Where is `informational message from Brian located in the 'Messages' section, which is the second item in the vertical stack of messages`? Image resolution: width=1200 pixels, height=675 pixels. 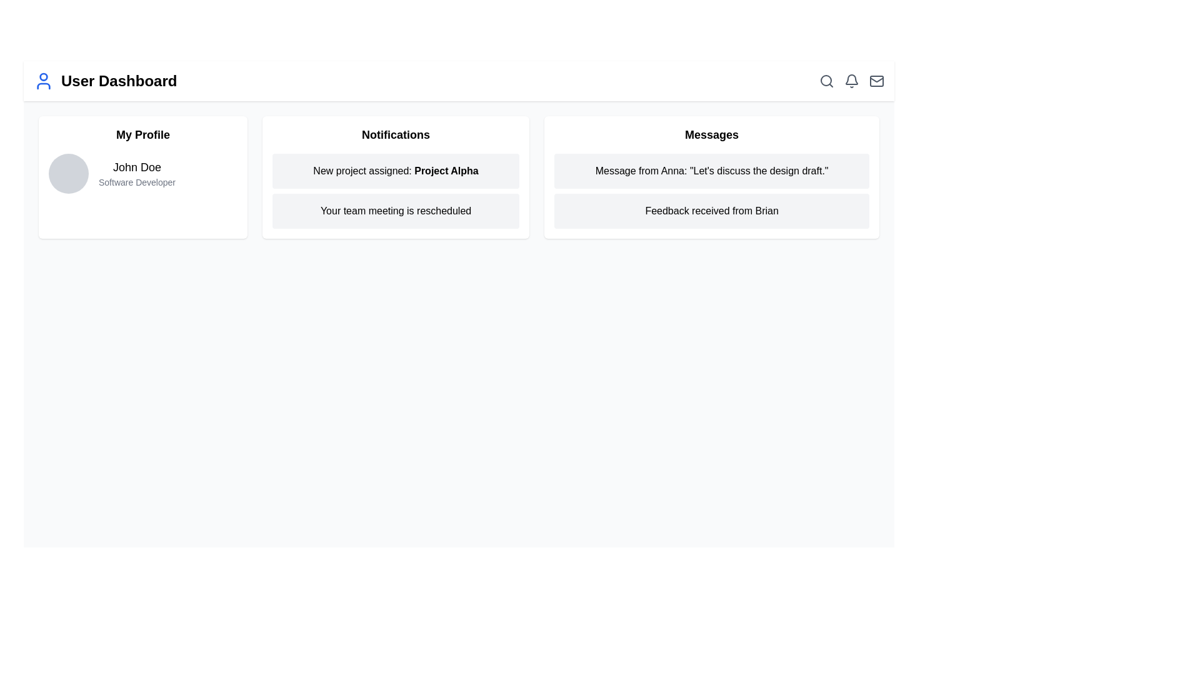
informational message from Brian located in the 'Messages' section, which is the second item in the vertical stack of messages is located at coordinates (712, 211).